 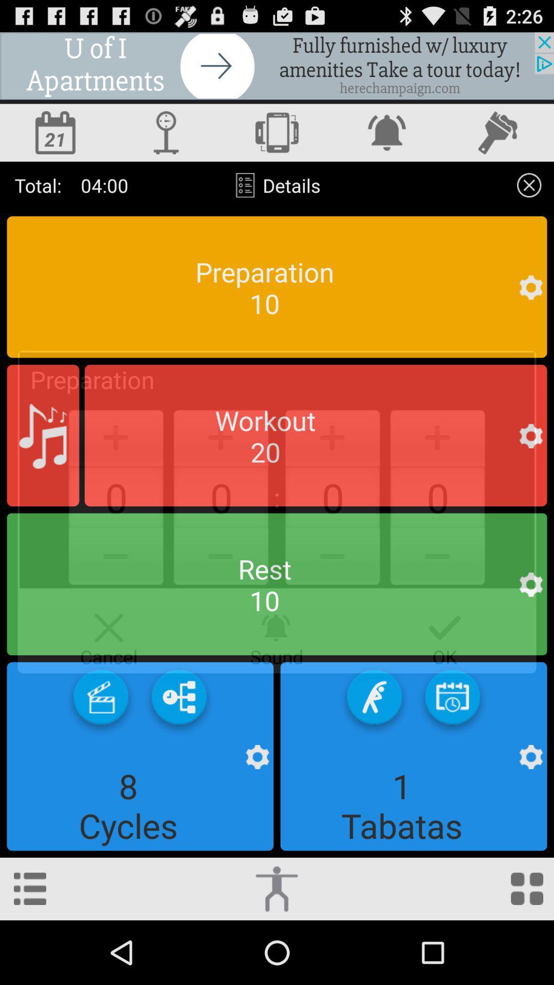 What do you see at coordinates (388, 141) in the screenshot?
I see `the notifications icon` at bounding box center [388, 141].